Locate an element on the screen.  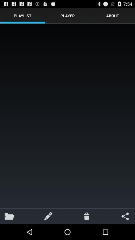
the icon at the center is located at coordinates (67, 116).